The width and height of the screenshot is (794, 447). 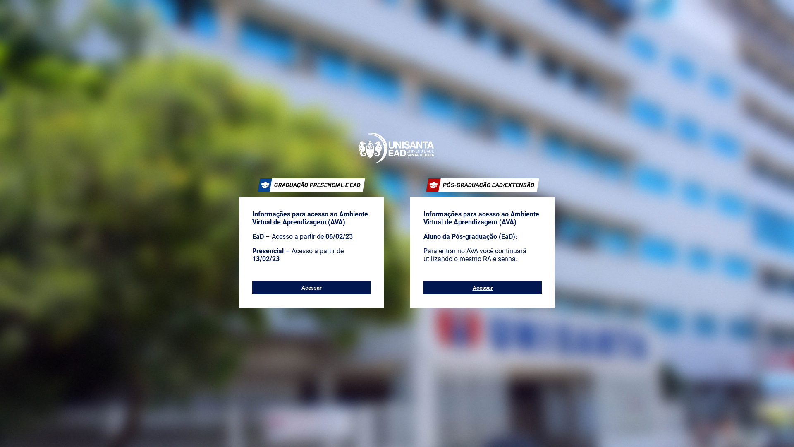 What do you see at coordinates (311, 287) in the screenshot?
I see `'Acessar'` at bounding box center [311, 287].